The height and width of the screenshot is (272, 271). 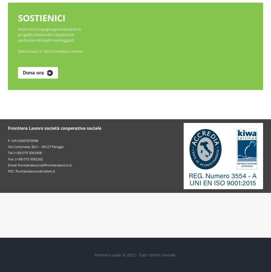 What do you see at coordinates (35, 171) in the screenshot?
I see `'frontieralavoro@cdiem.it'` at bounding box center [35, 171].